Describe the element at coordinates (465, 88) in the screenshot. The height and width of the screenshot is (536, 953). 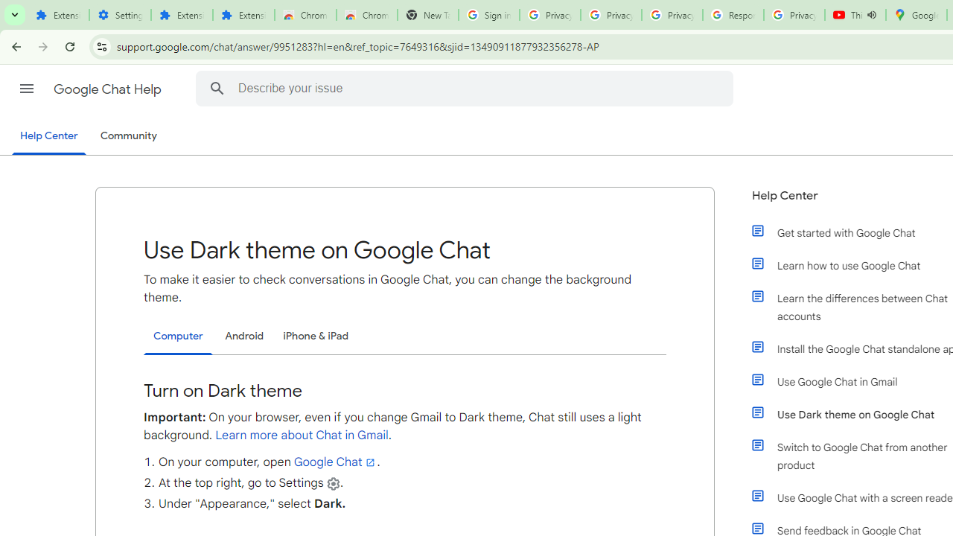
I see `'Describe your issue'` at that location.